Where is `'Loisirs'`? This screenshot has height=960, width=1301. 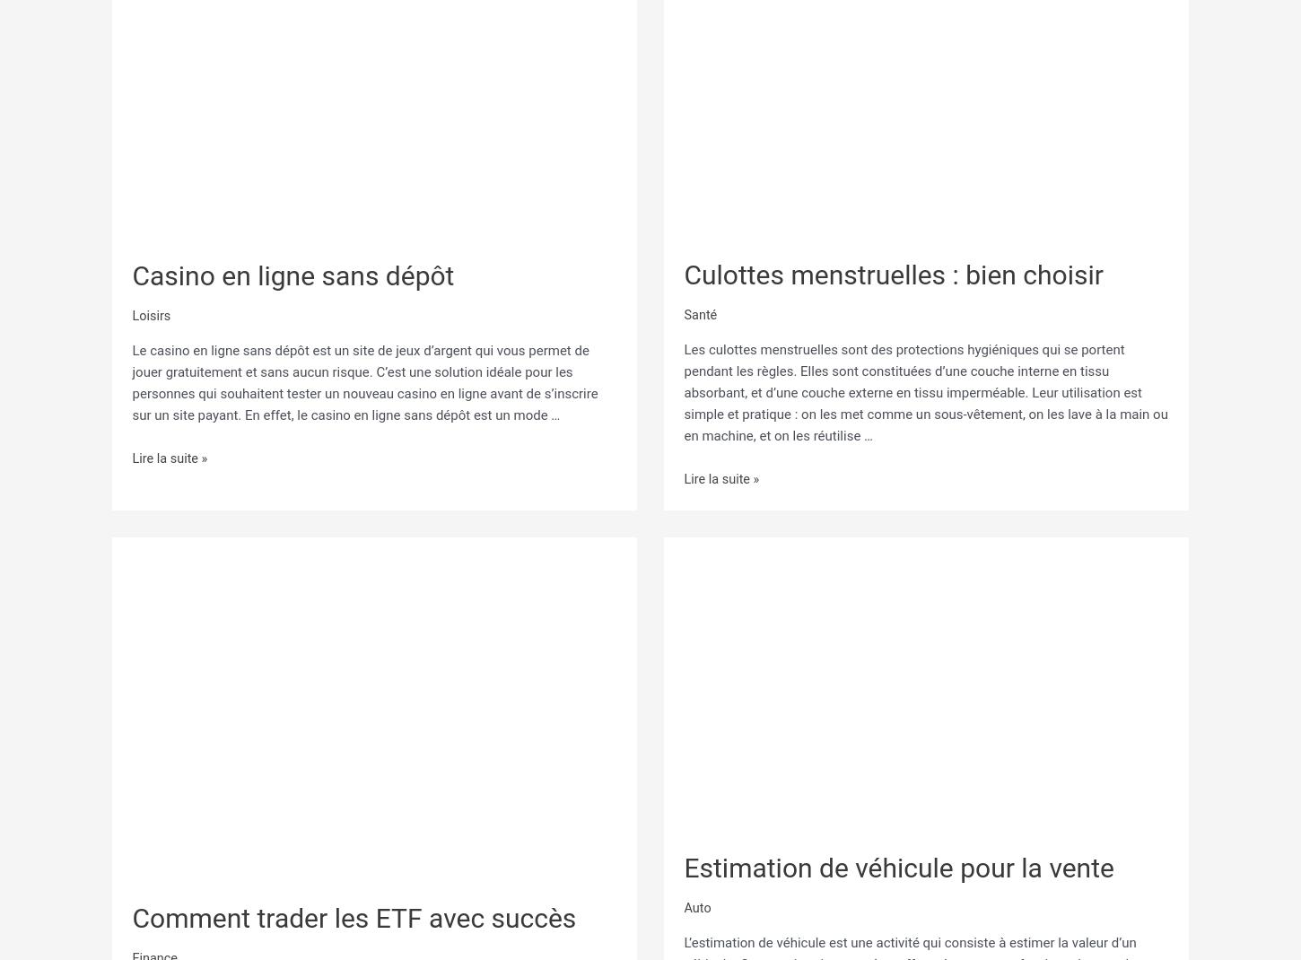 'Loisirs' is located at coordinates (151, 311).